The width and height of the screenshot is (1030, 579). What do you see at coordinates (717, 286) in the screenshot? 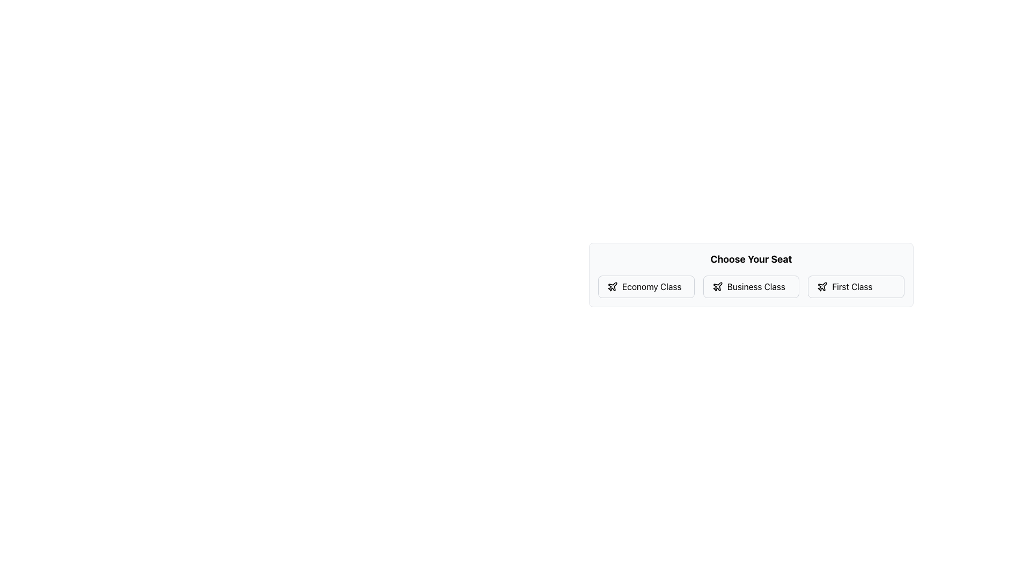
I see `the 'Business Class' button icon, which is the second button in a horizontal group of three buttons under 'Choose Your Seat', featuring an airplane icon as a prefix` at bounding box center [717, 286].